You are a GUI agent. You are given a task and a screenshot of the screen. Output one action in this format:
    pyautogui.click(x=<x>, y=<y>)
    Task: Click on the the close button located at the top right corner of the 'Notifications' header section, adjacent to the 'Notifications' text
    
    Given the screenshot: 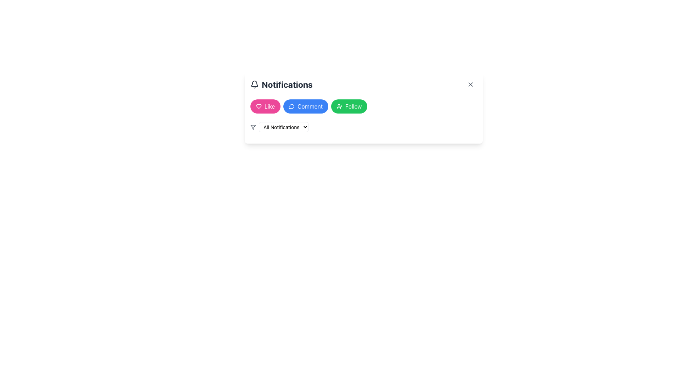 What is the action you would take?
    pyautogui.click(x=471, y=84)
    